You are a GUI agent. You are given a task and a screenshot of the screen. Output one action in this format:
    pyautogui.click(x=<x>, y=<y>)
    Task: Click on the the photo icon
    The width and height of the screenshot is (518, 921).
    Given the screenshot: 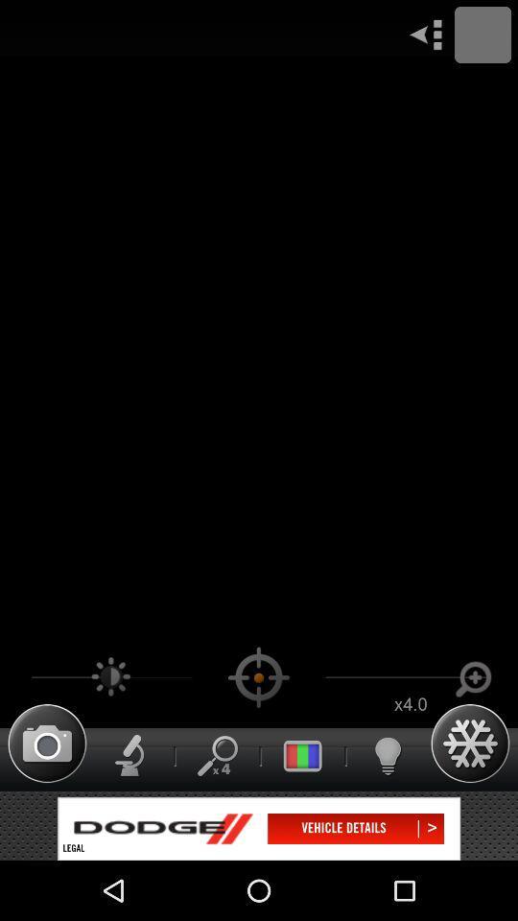 What is the action you would take?
    pyautogui.click(x=47, y=795)
    